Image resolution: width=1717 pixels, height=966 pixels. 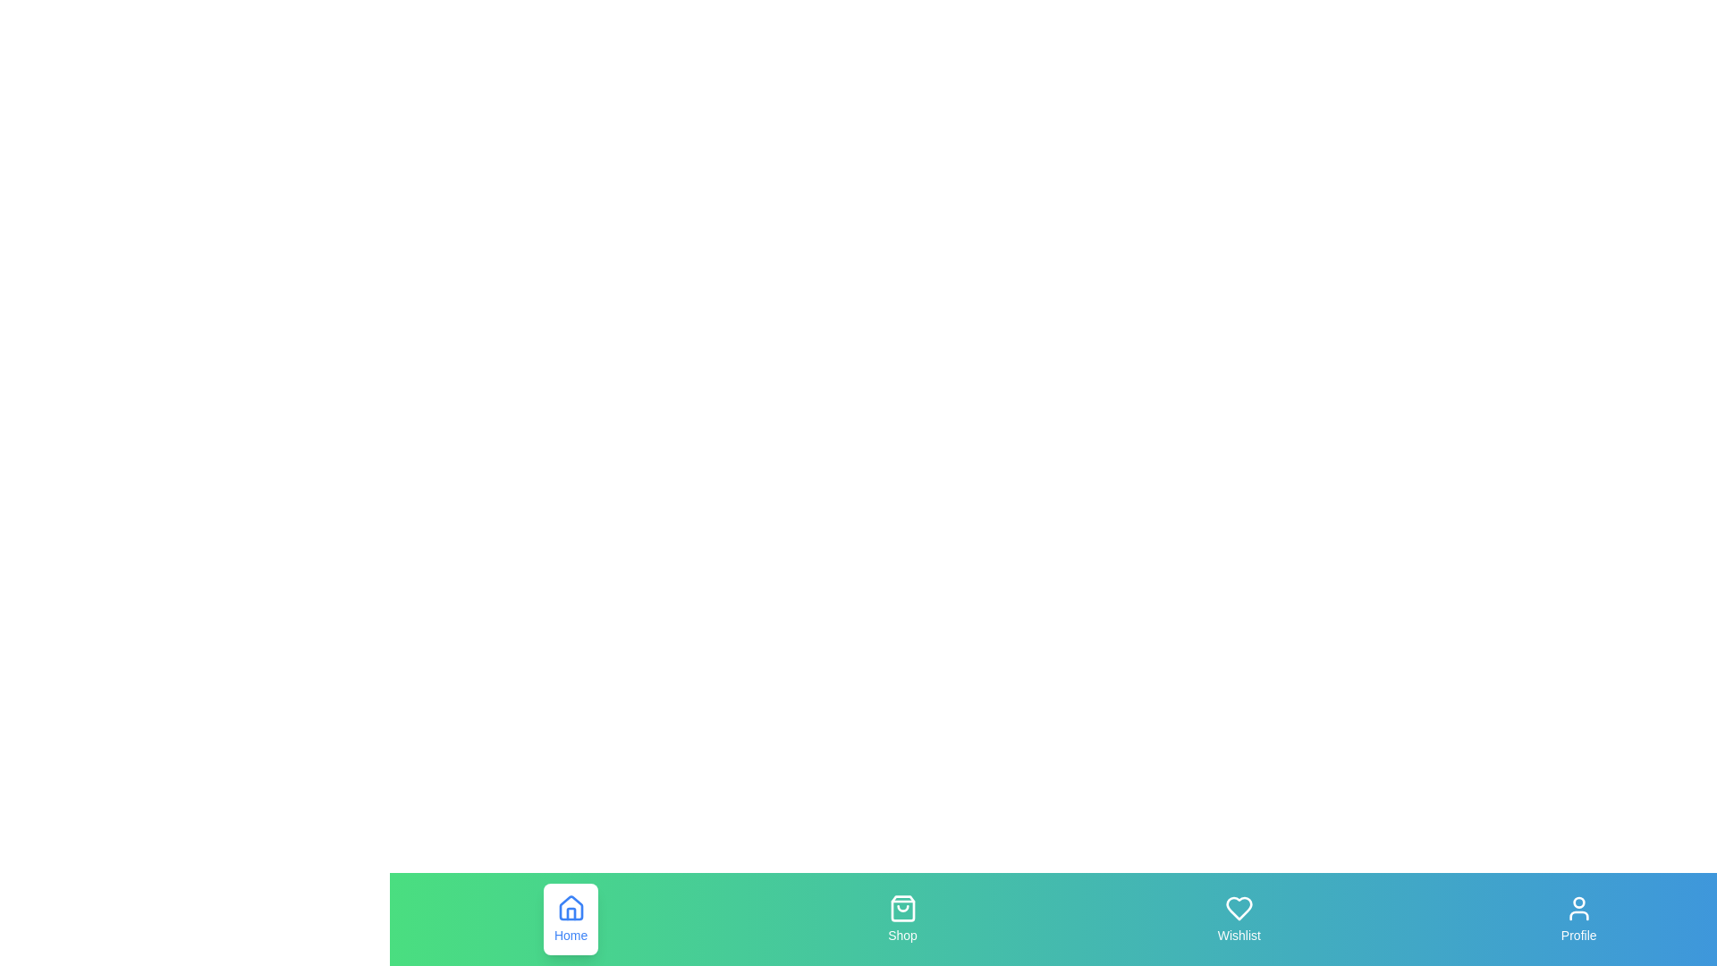 What do you see at coordinates (1238, 919) in the screenshot?
I see `the tab labeled Wishlist by clicking its button` at bounding box center [1238, 919].